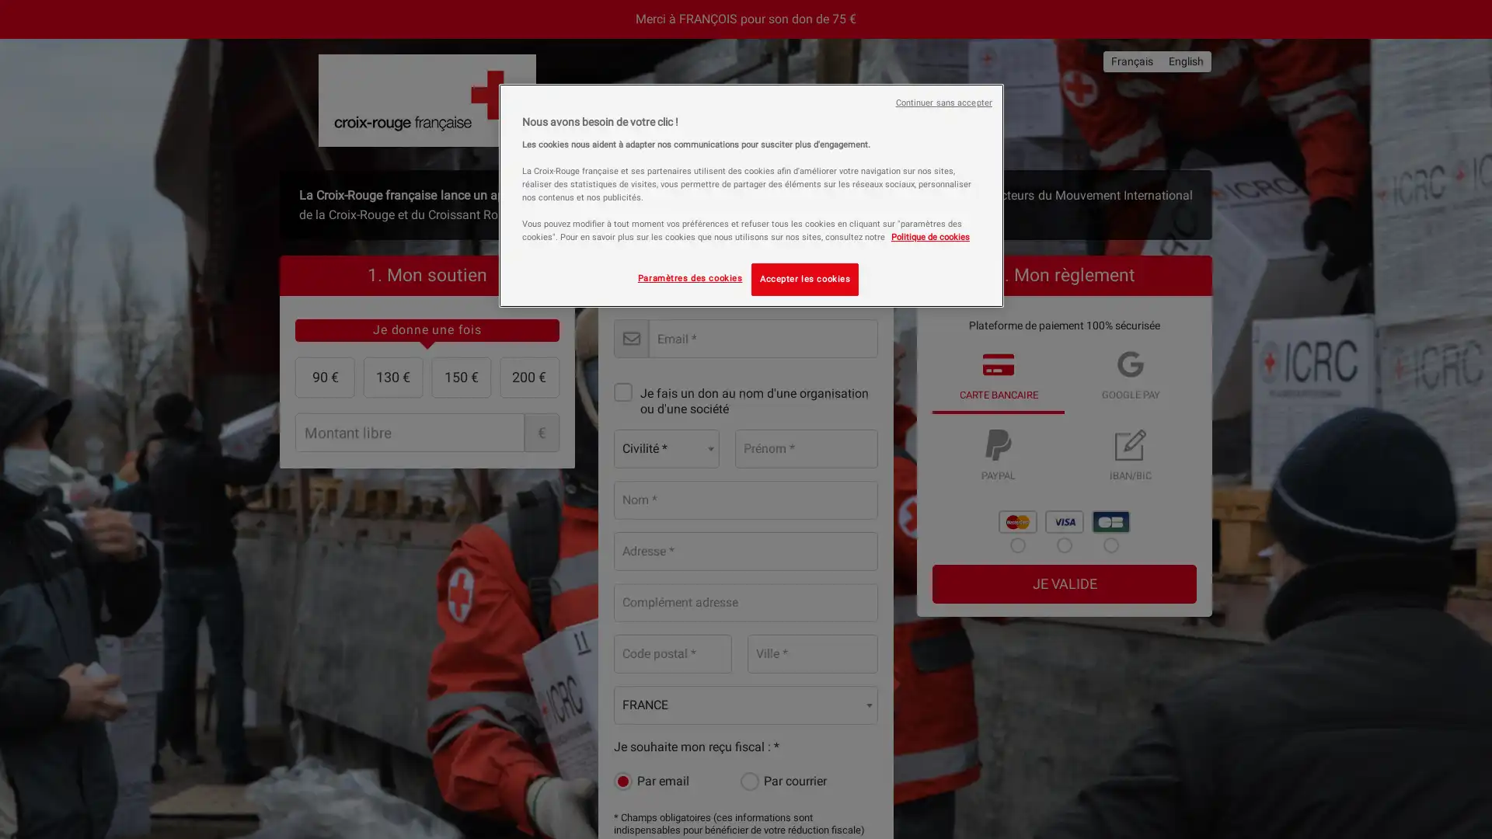 This screenshot has height=839, width=1492. What do you see at coordinates (943, 103) in the screenshot?
I see `Continuer sans accepter` at bounding box center [943, 103].